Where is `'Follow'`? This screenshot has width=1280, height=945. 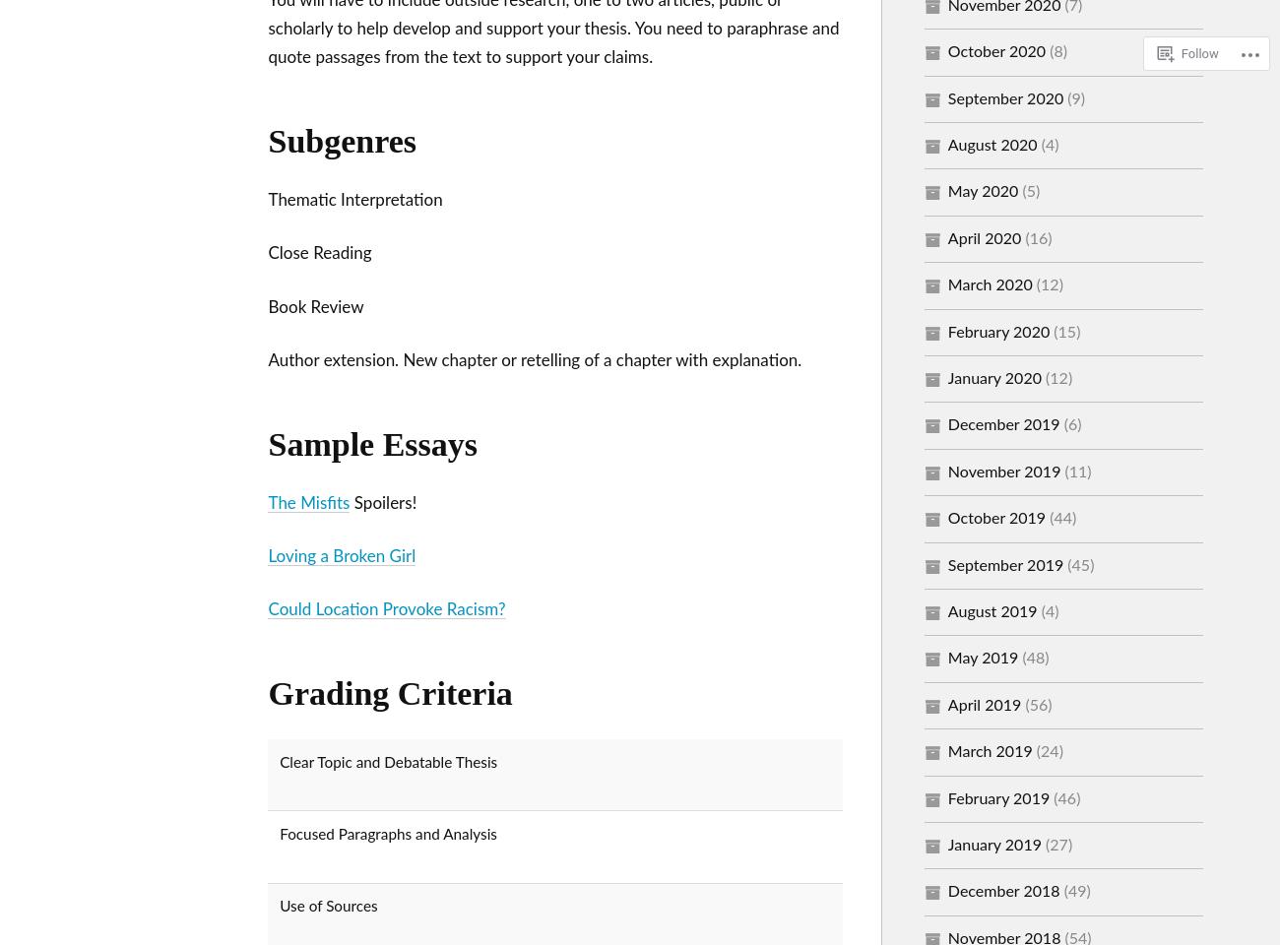
'Follow' is located at coordinates (1197, 50).